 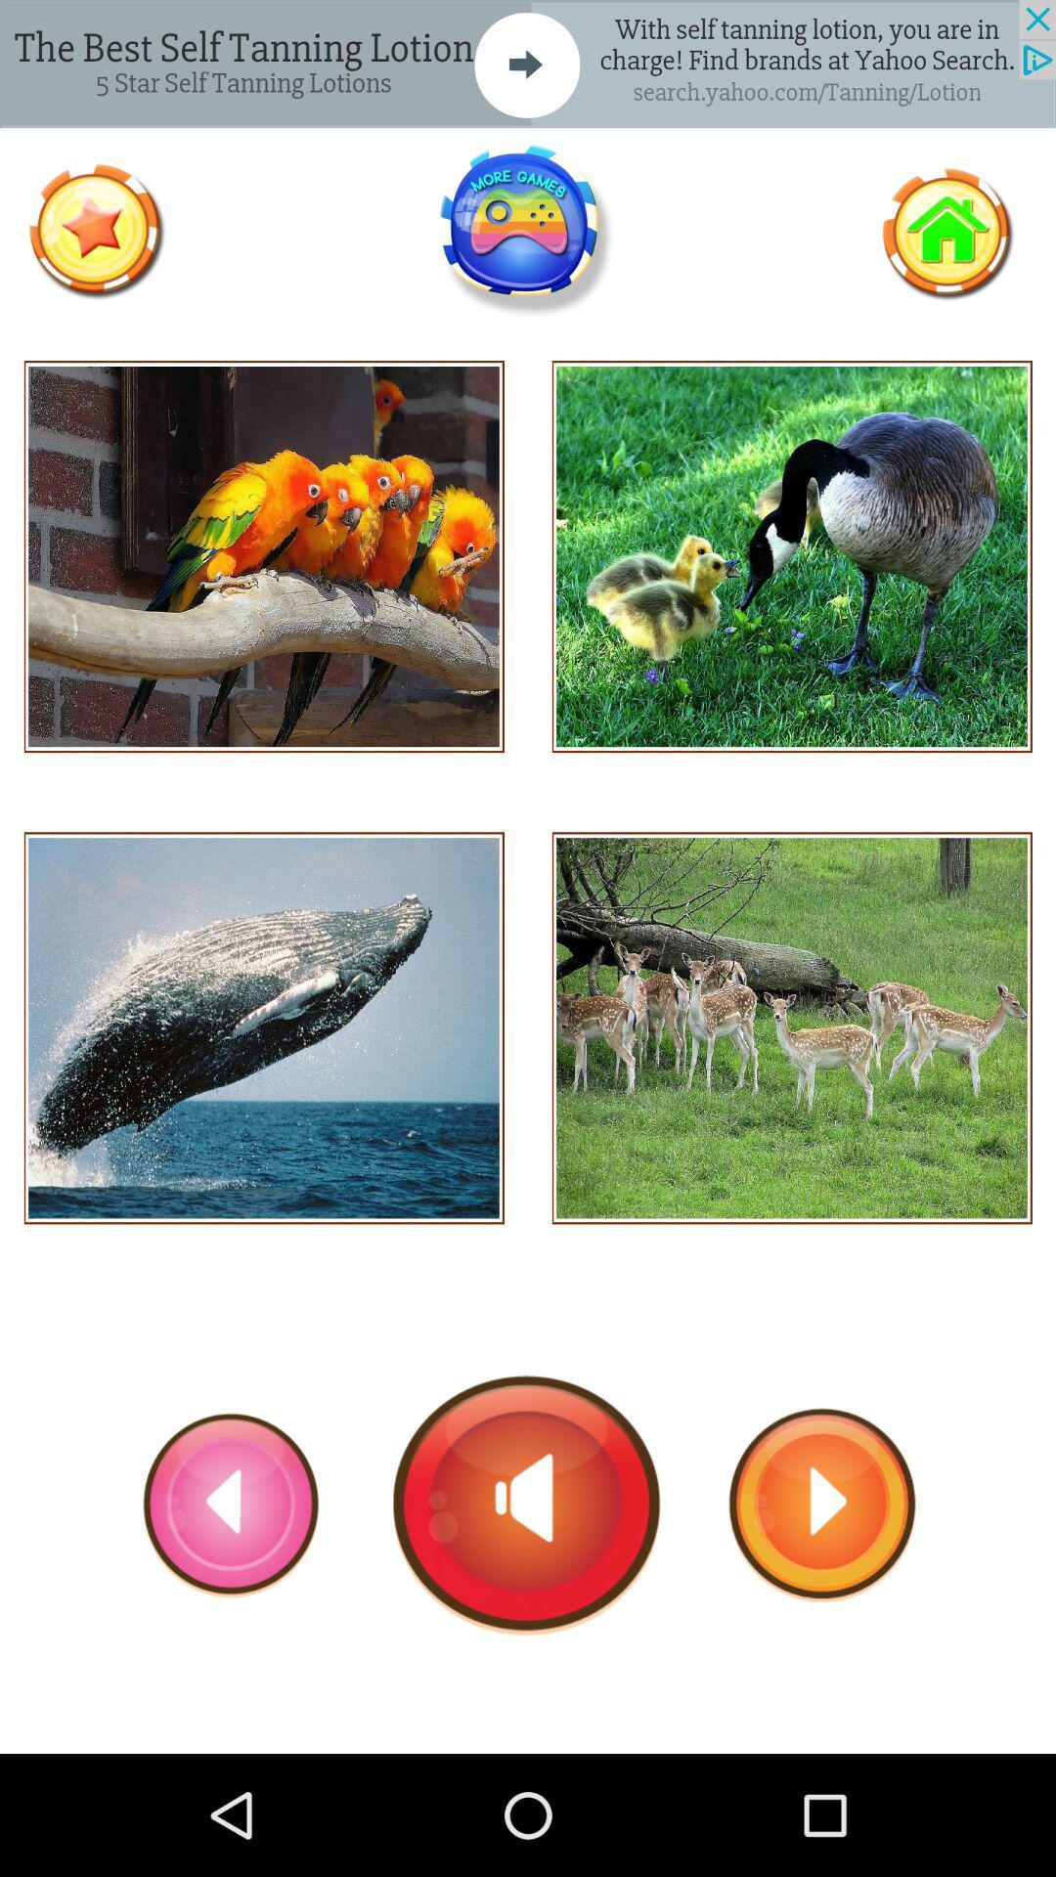 I want to click on return home, so click(x=946, y=231).